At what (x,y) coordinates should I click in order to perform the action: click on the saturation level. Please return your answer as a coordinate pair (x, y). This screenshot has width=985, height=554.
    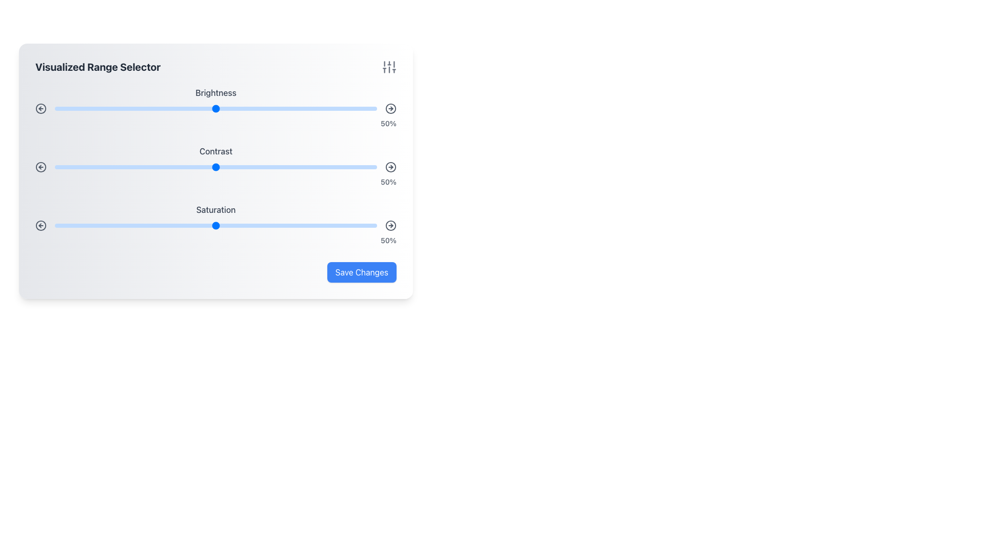
    Looking at the image, I should click on (193, 225).